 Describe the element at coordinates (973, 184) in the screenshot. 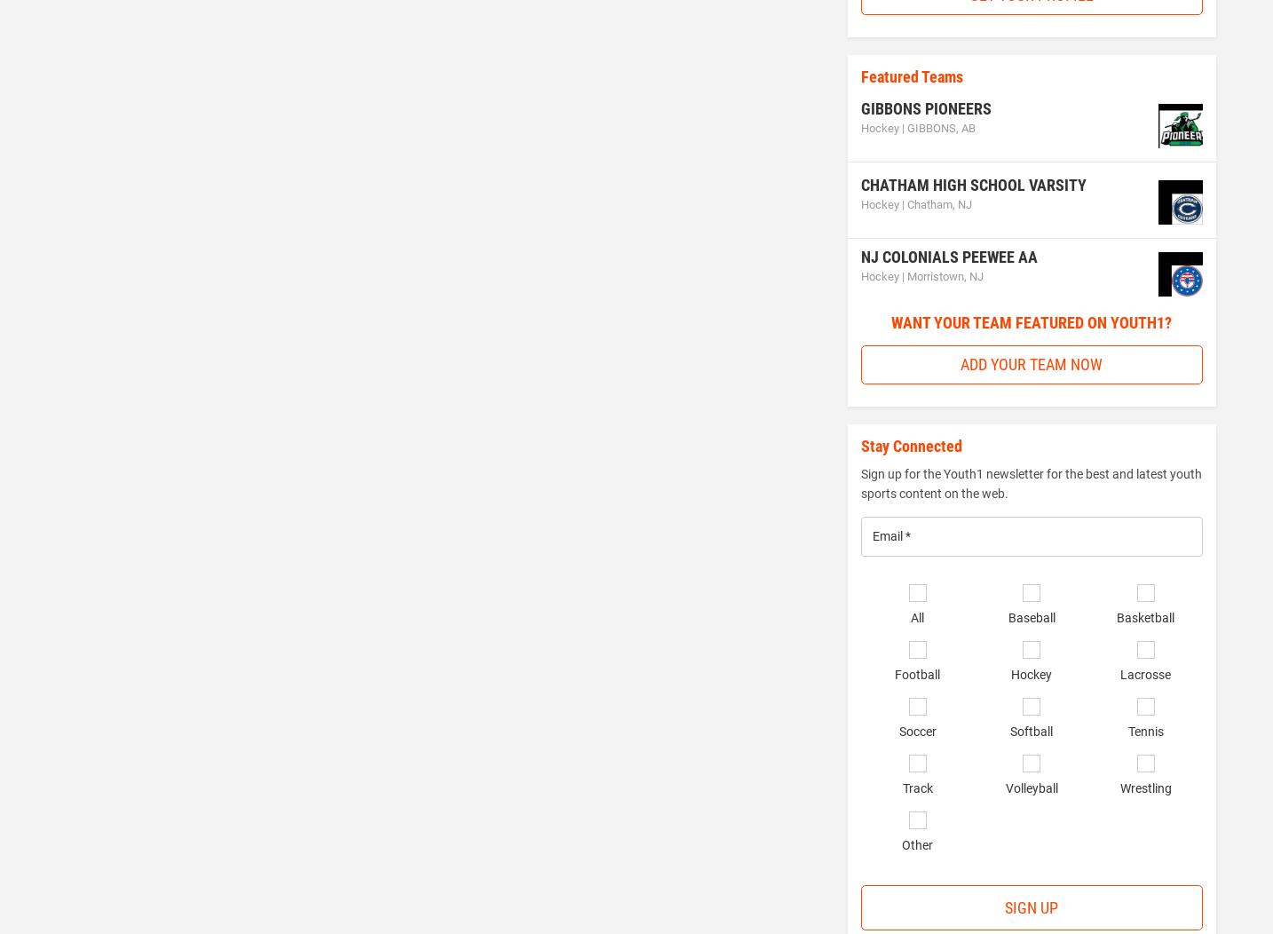

I see `'Chatham High School Varsity'` at that location.